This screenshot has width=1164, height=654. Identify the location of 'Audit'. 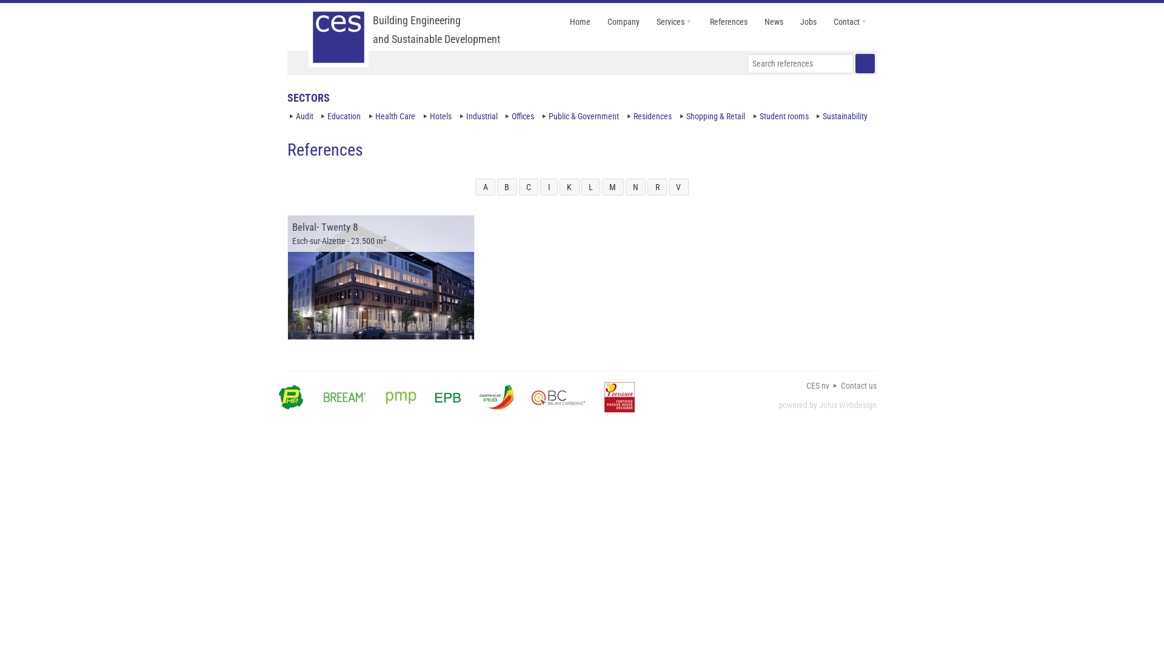
(304, 116).